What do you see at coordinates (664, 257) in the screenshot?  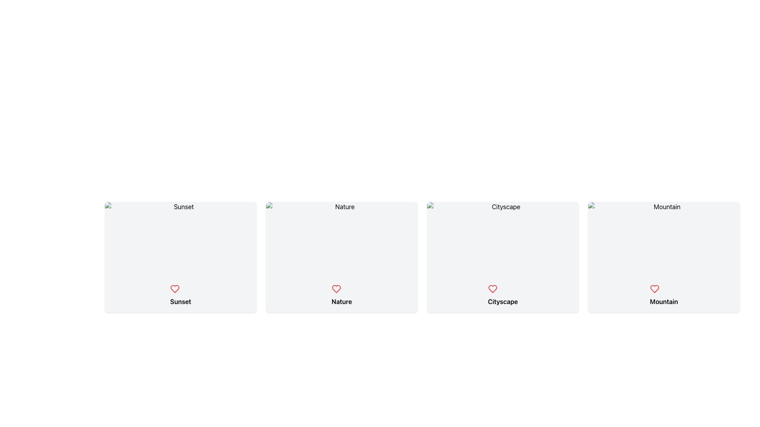 I see `the fourth card in the grid layout that represents the 'Mountain' item` at bounding box center [664, 257].